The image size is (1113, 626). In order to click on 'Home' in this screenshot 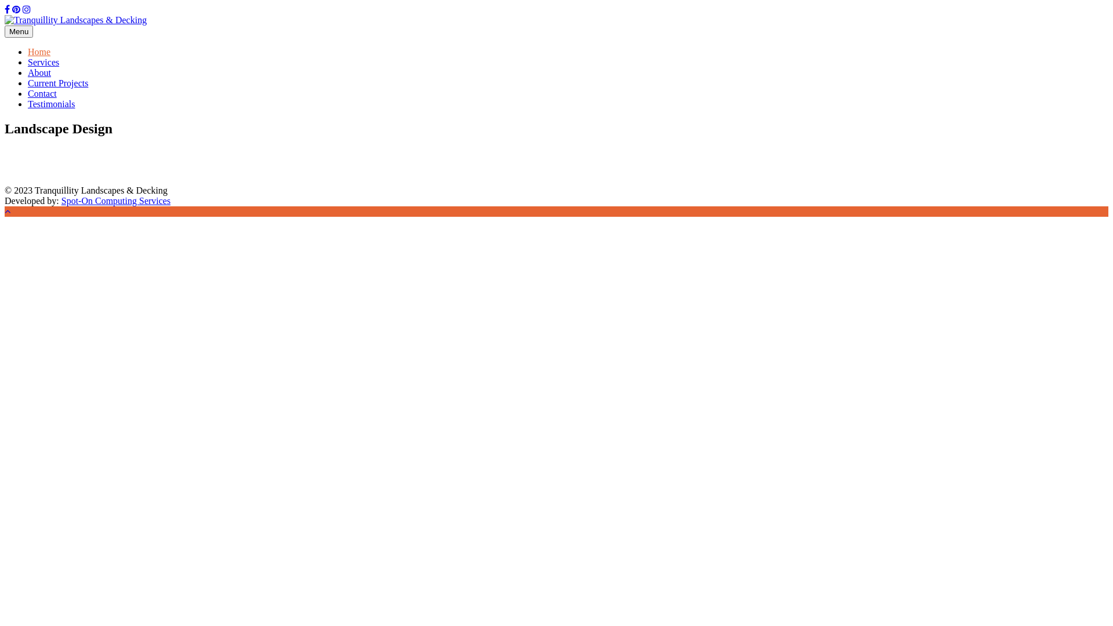, I will do `click(39, 51)`.